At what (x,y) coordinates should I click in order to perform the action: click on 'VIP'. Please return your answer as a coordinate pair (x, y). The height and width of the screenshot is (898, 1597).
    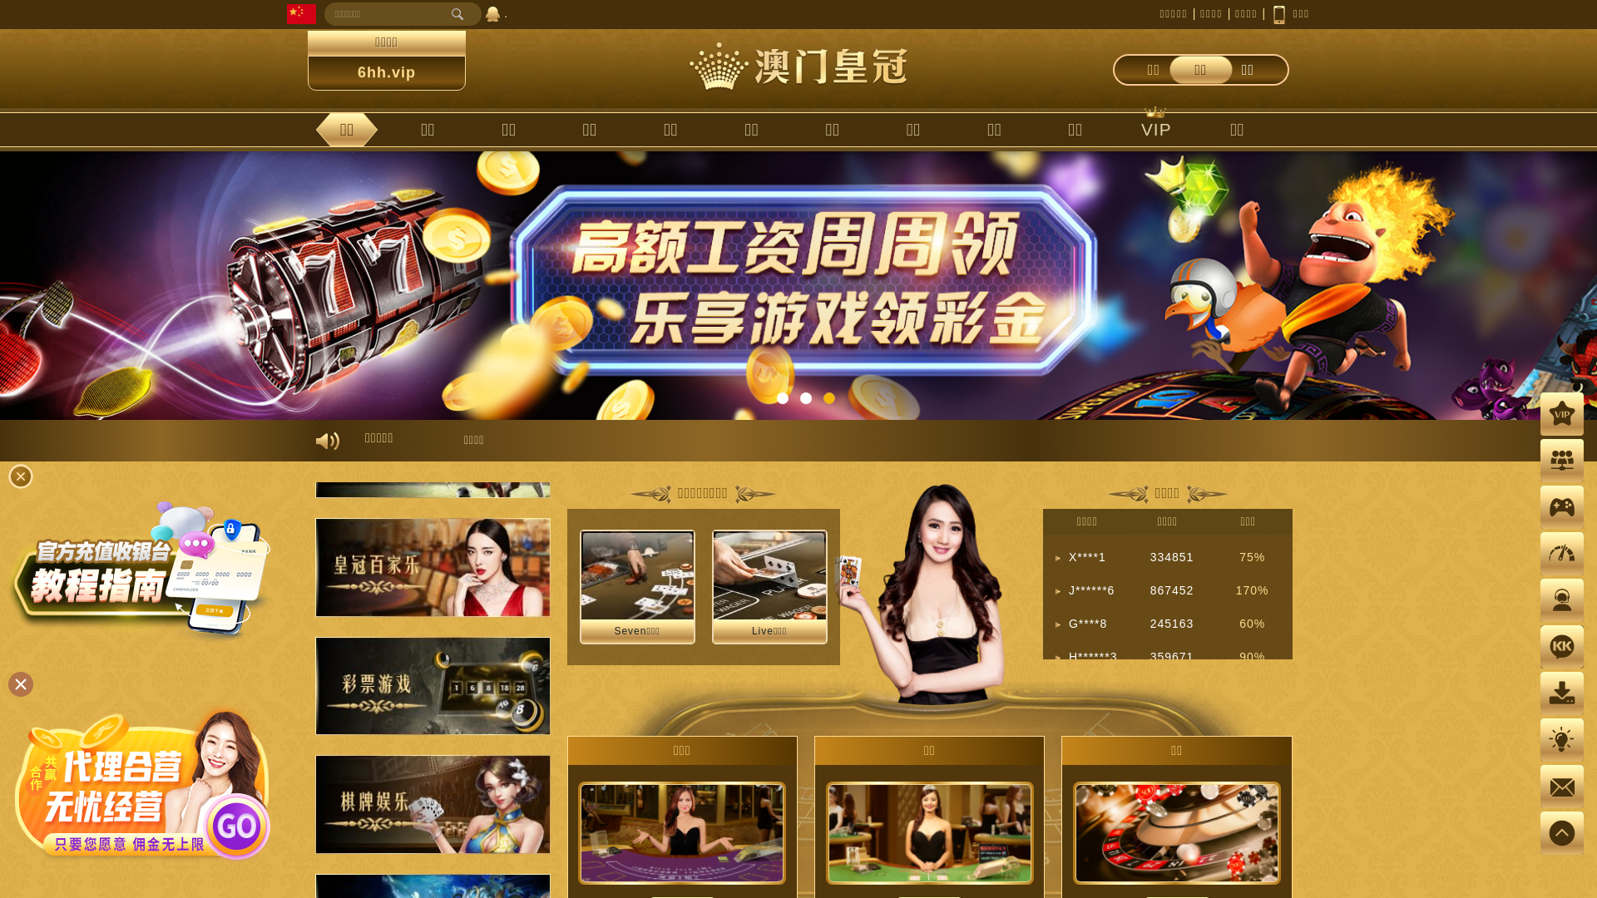
    Looking at the image, I should click on (1155, 128).